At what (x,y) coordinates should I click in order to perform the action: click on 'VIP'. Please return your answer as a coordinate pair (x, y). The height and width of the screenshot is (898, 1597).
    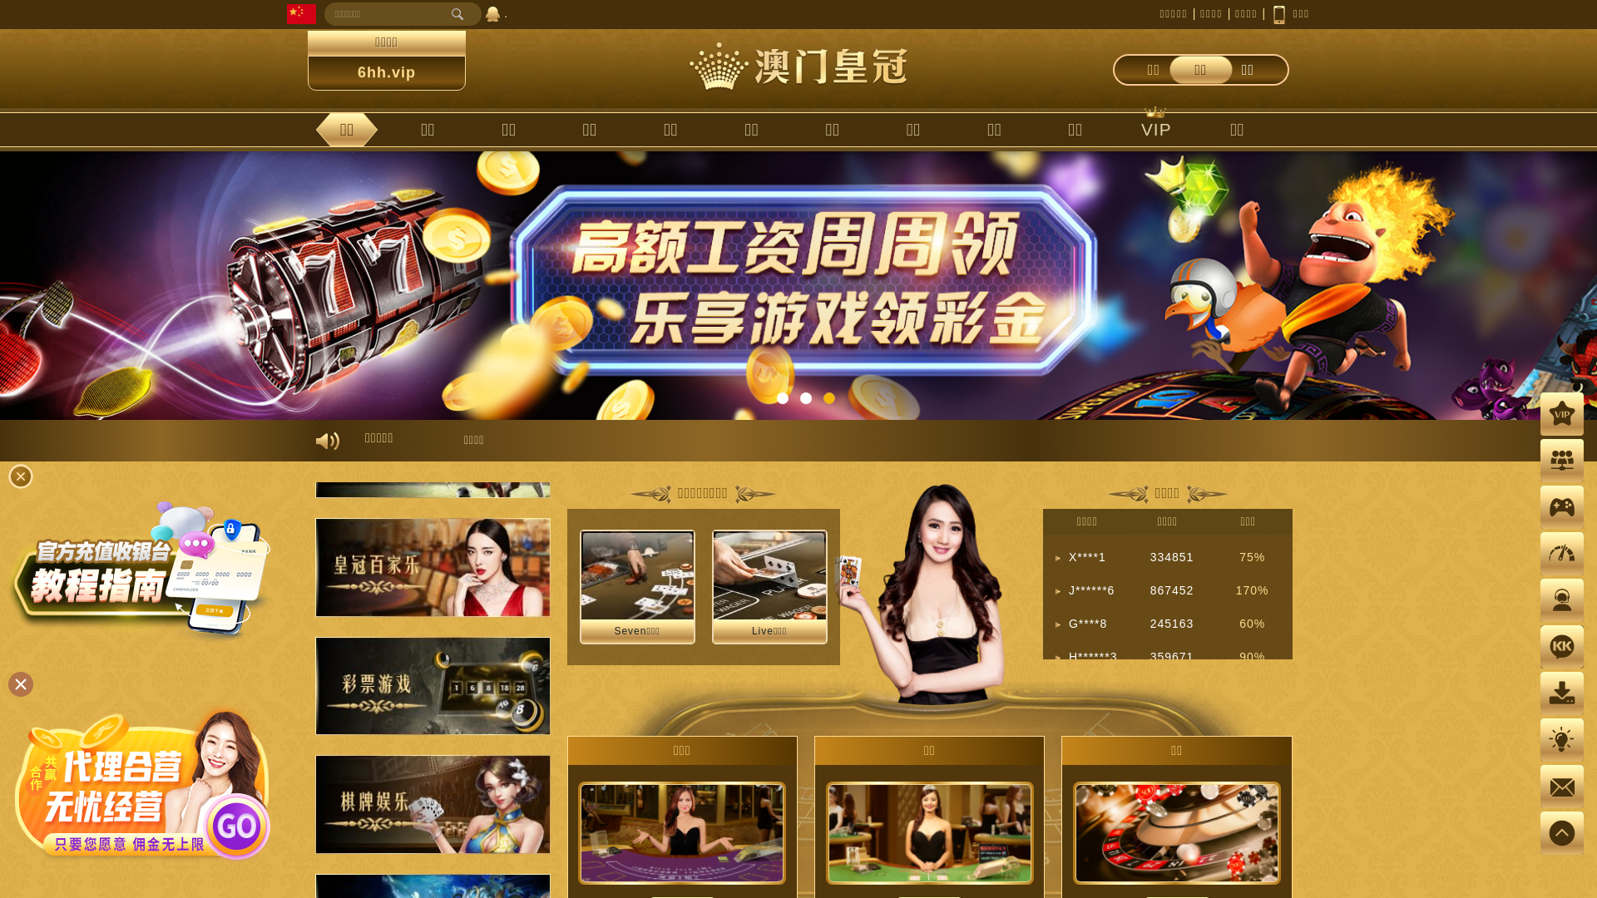
    Looking at the image, I should click on (1155, 128).